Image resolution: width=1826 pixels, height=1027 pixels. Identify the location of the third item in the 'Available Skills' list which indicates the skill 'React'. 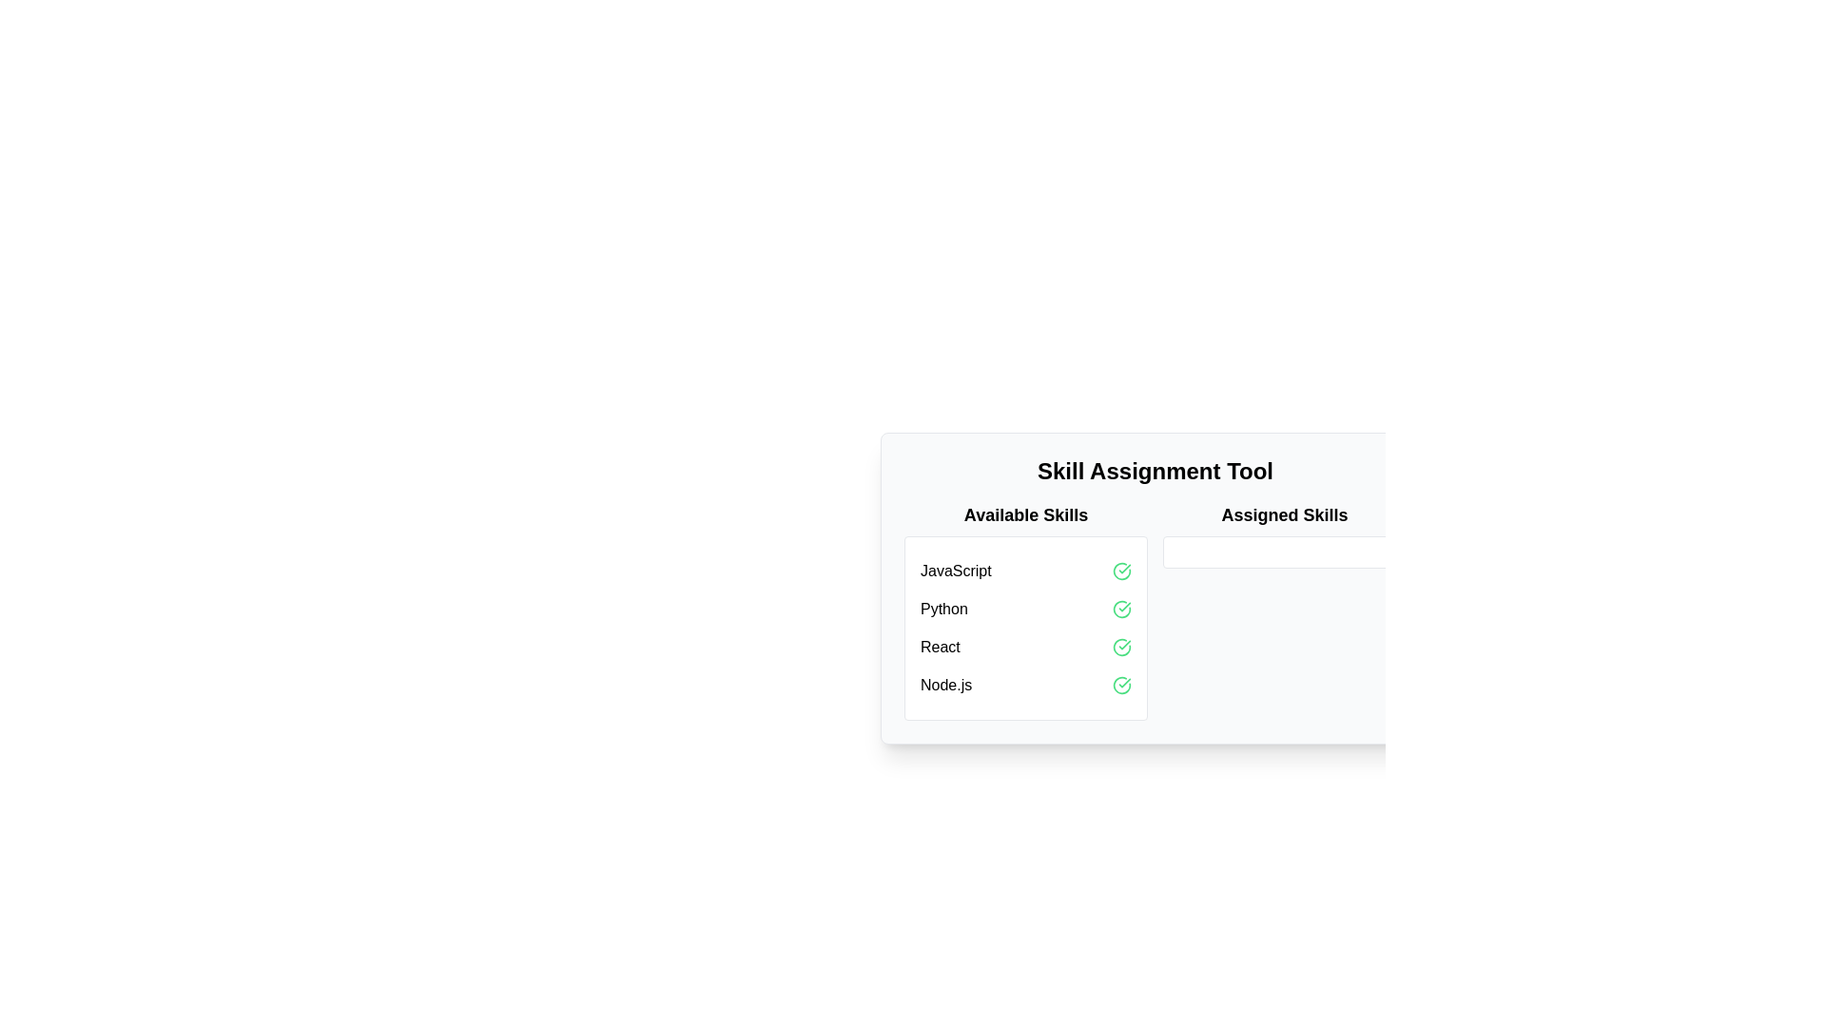
(1025, 647).